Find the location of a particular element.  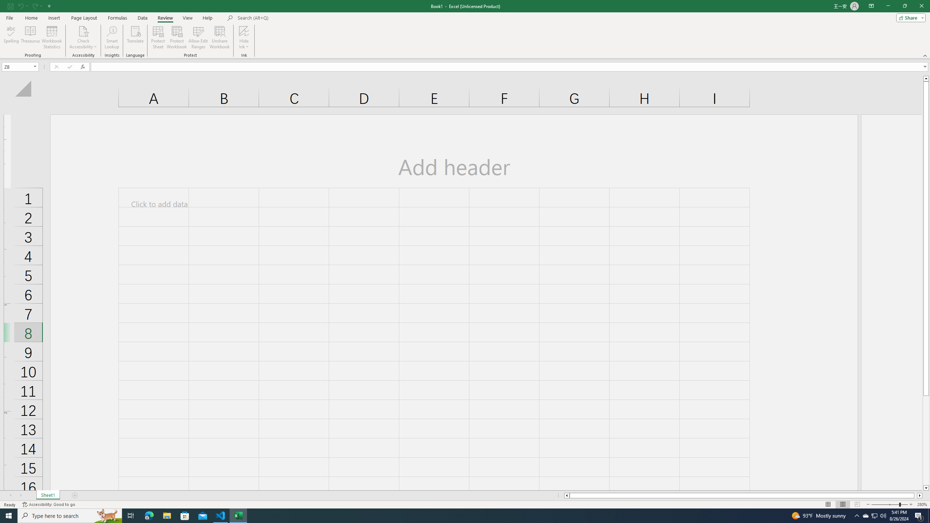

'Page Layout' is located at coordinates (84, 18).